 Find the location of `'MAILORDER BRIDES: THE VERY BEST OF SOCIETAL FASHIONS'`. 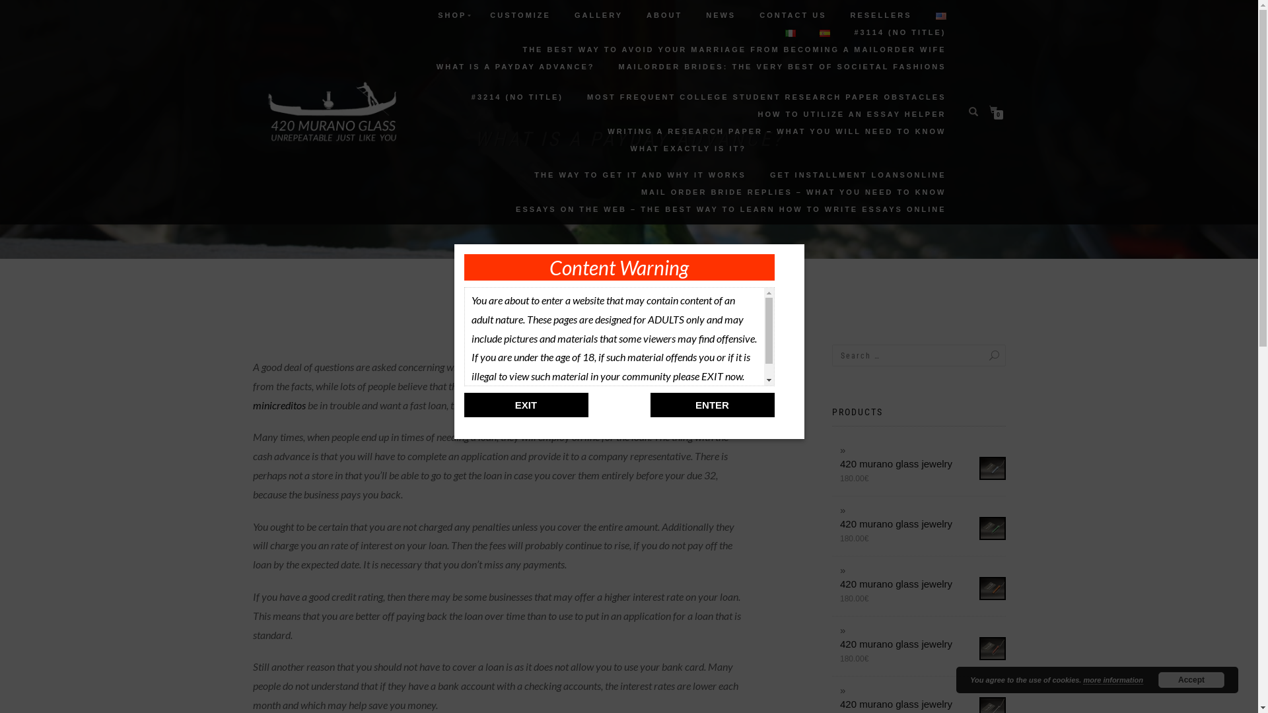

'MAILORDER BRIDES: THE VERY BEST OF SOCIETAL FASHIONS' is located at coordinates (782, 66).